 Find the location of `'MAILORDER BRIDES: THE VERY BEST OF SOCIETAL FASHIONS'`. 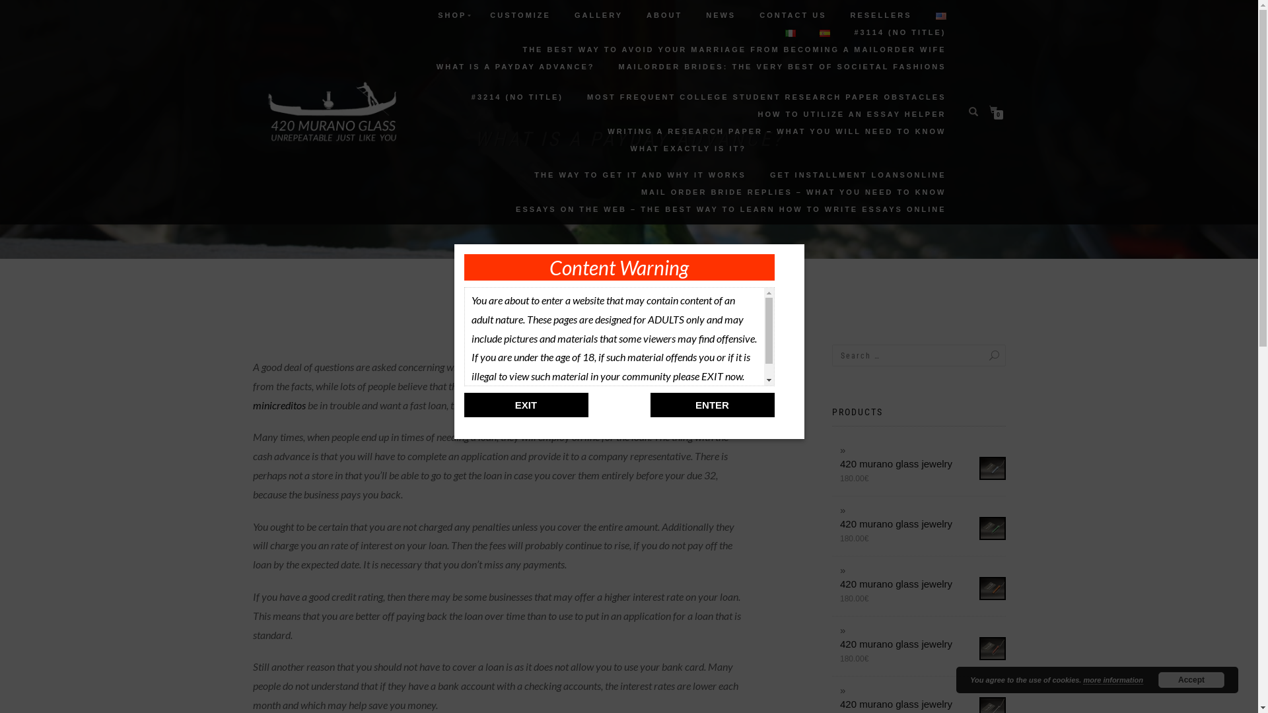

'MAILORDER BRIDES: THE VERY BEST OF SOCIETAL FASHIONS' is located at coordinates (782, 66).